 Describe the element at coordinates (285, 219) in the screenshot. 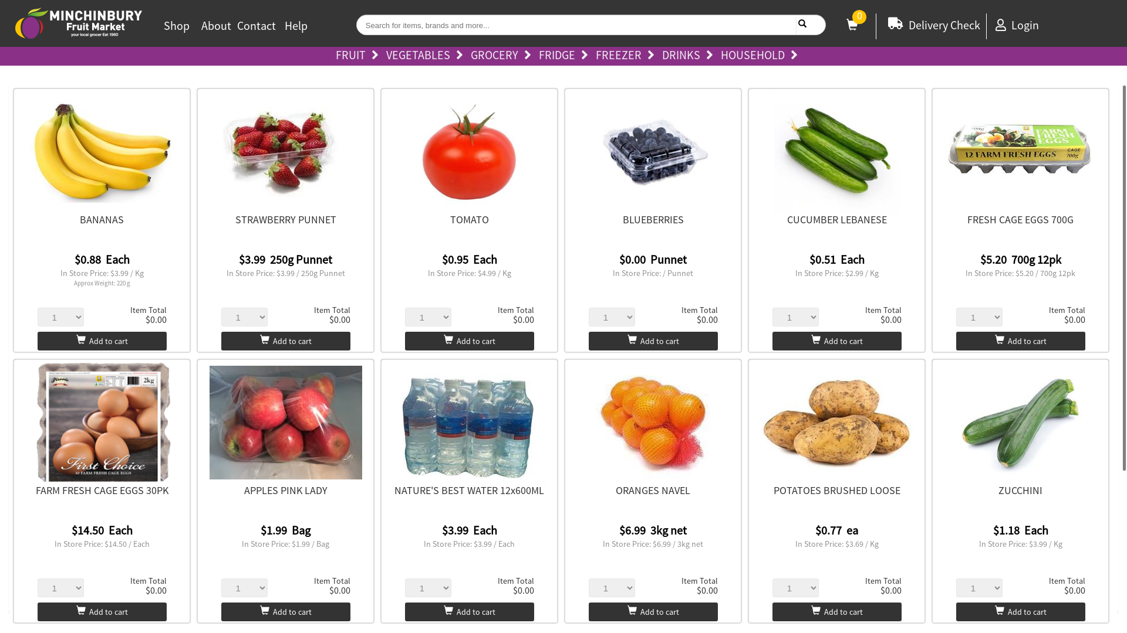

I see `'STRAWBERRY PUNNET'` at that location.